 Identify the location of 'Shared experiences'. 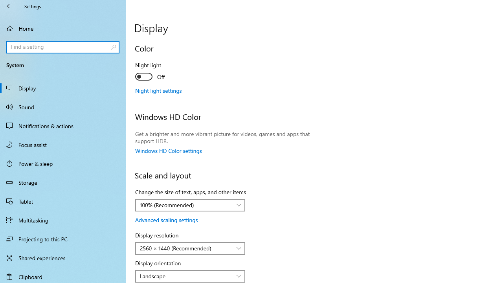
(63, 257).